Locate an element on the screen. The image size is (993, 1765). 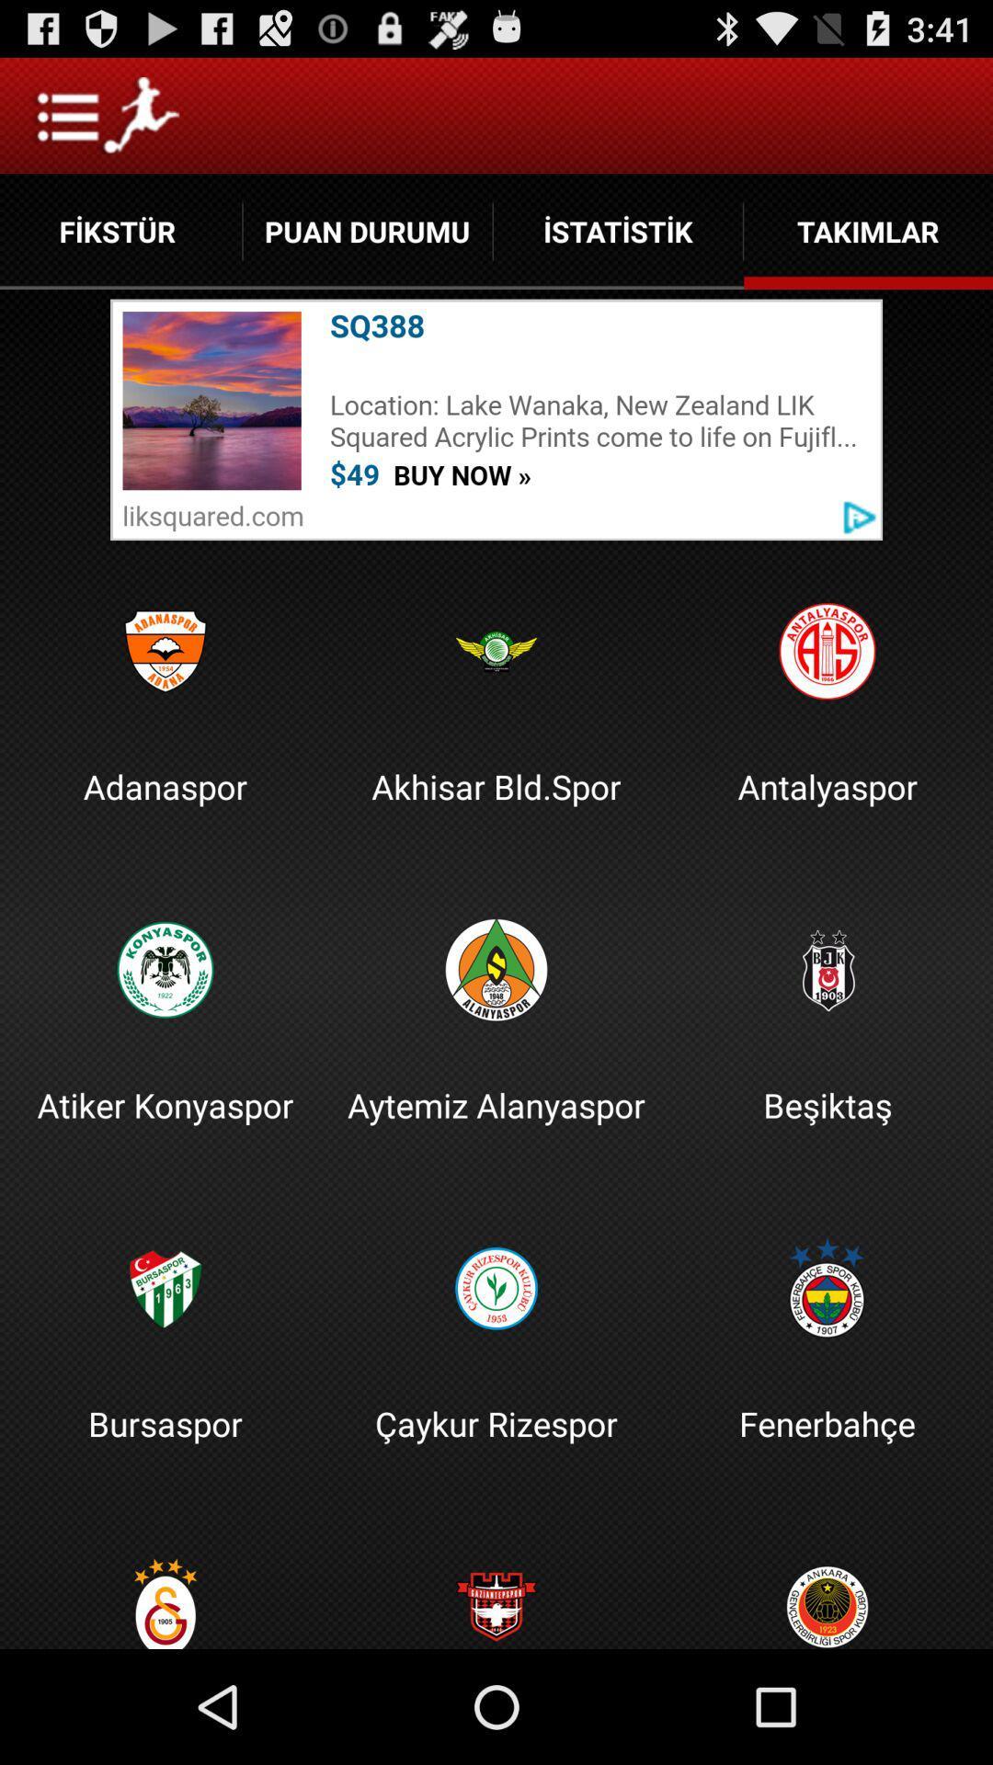
location optioni is located at coordinates (496, 418).